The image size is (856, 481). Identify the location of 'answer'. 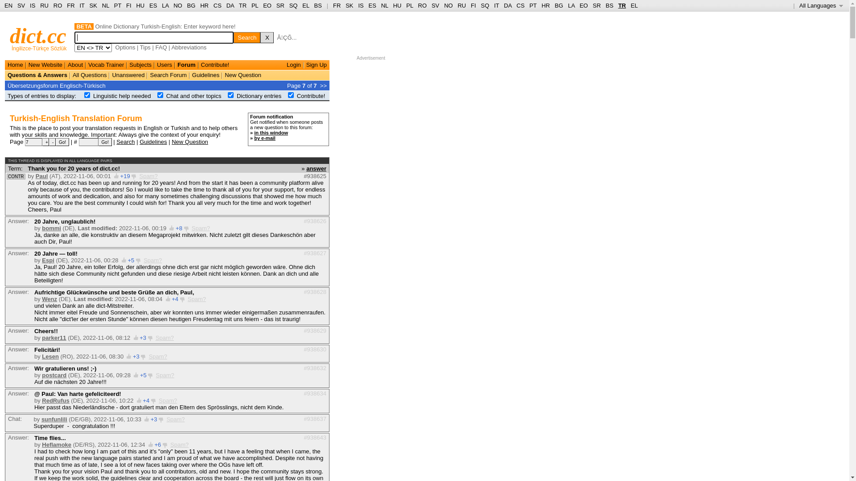
(316, 168).